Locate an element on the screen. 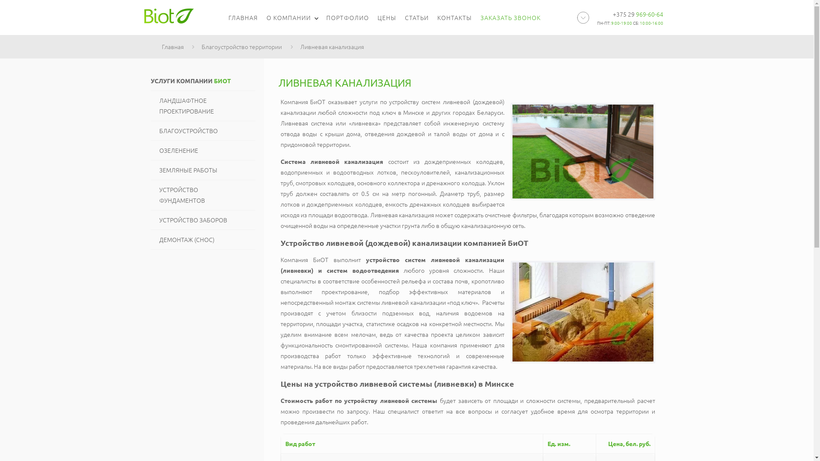  '+375 29 969-60-64' is located at coordinates (637, 14).